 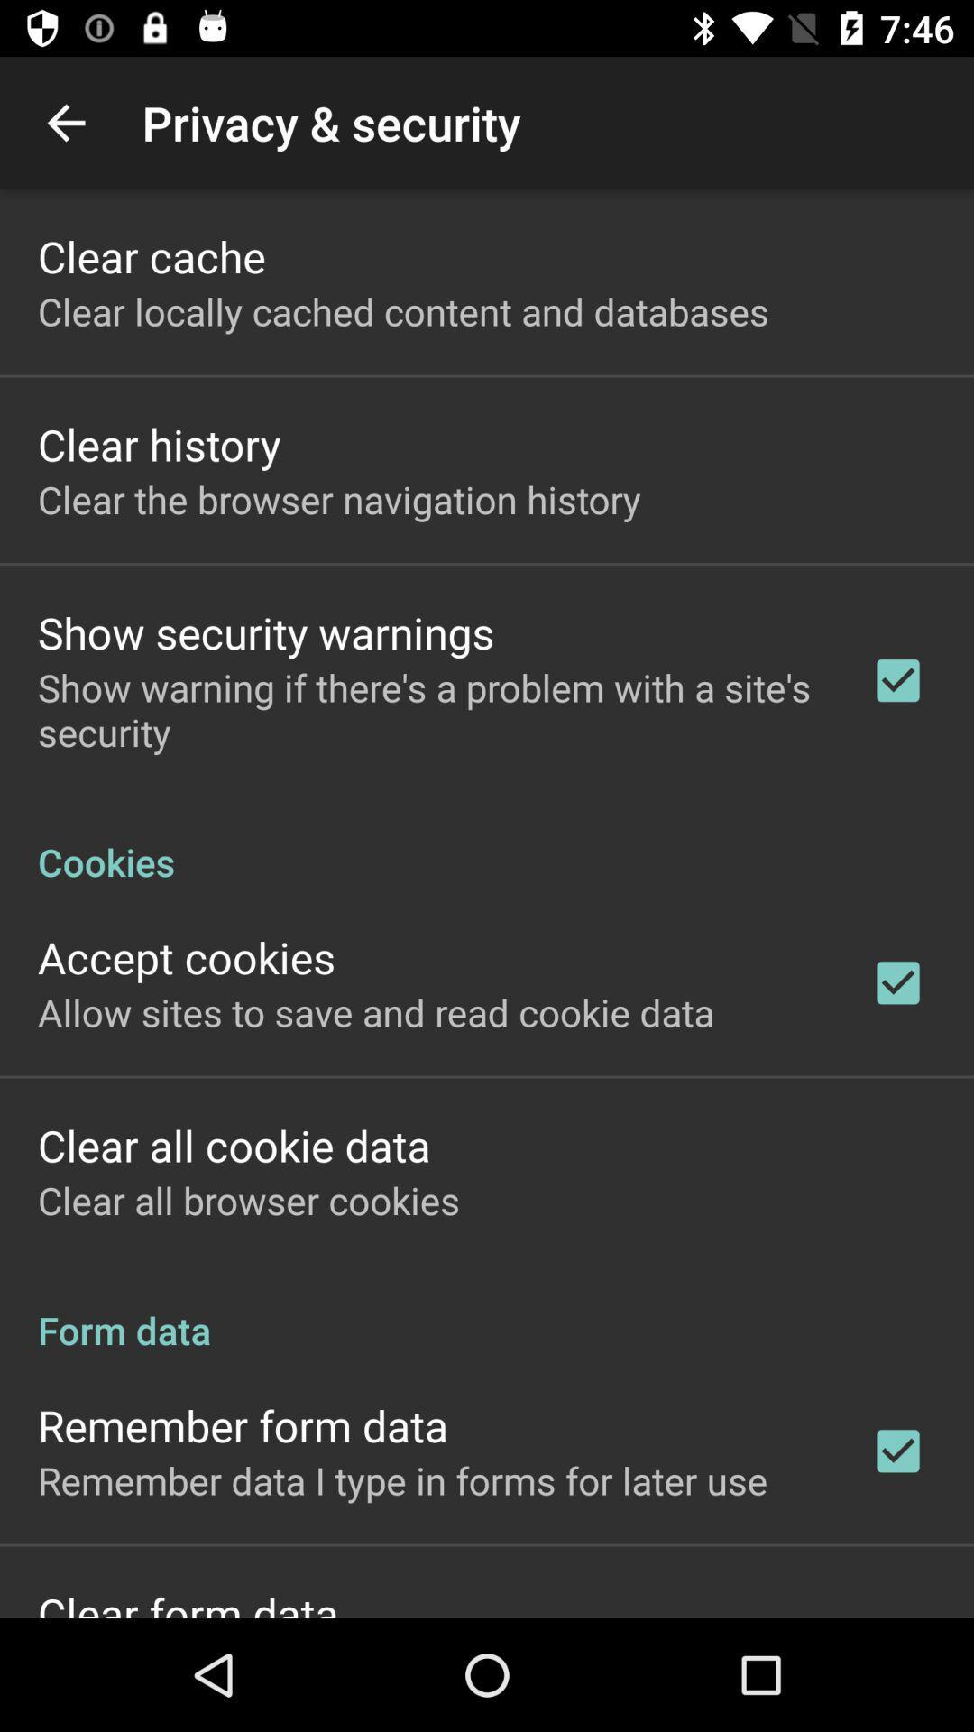 What do you see at coordinates (402, 311) in the screenshot?
I see `item above clear history app` at bounding box center [402, 311].